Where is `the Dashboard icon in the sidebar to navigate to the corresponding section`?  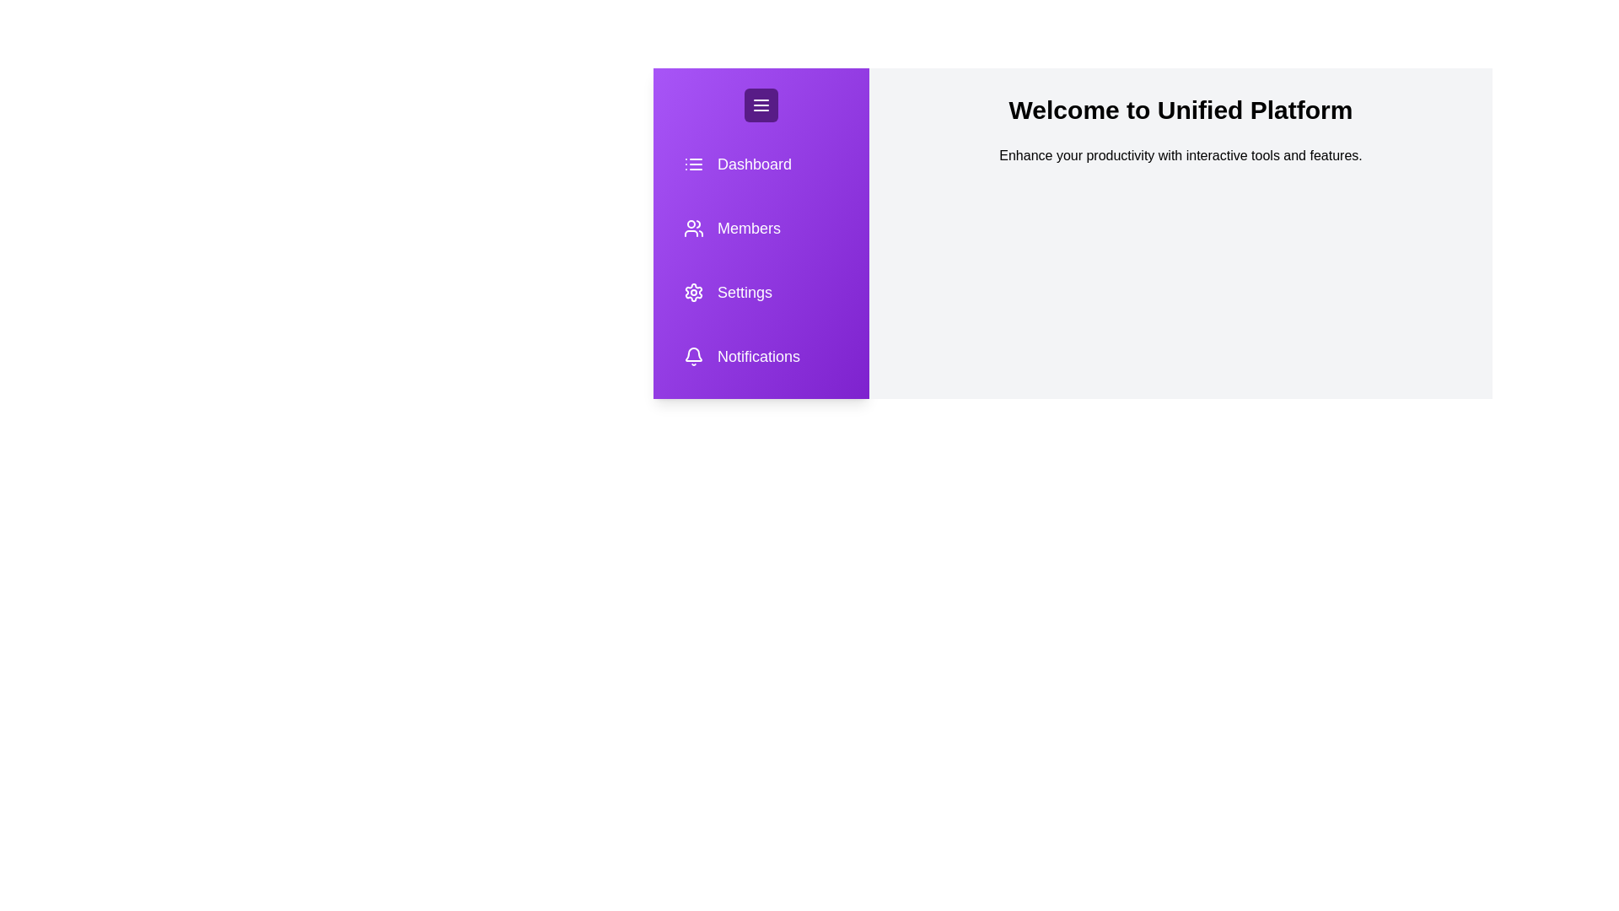 the Dashboard icon in the sidebar to navigate to the corresponding section is located at coordinates (760, 164).